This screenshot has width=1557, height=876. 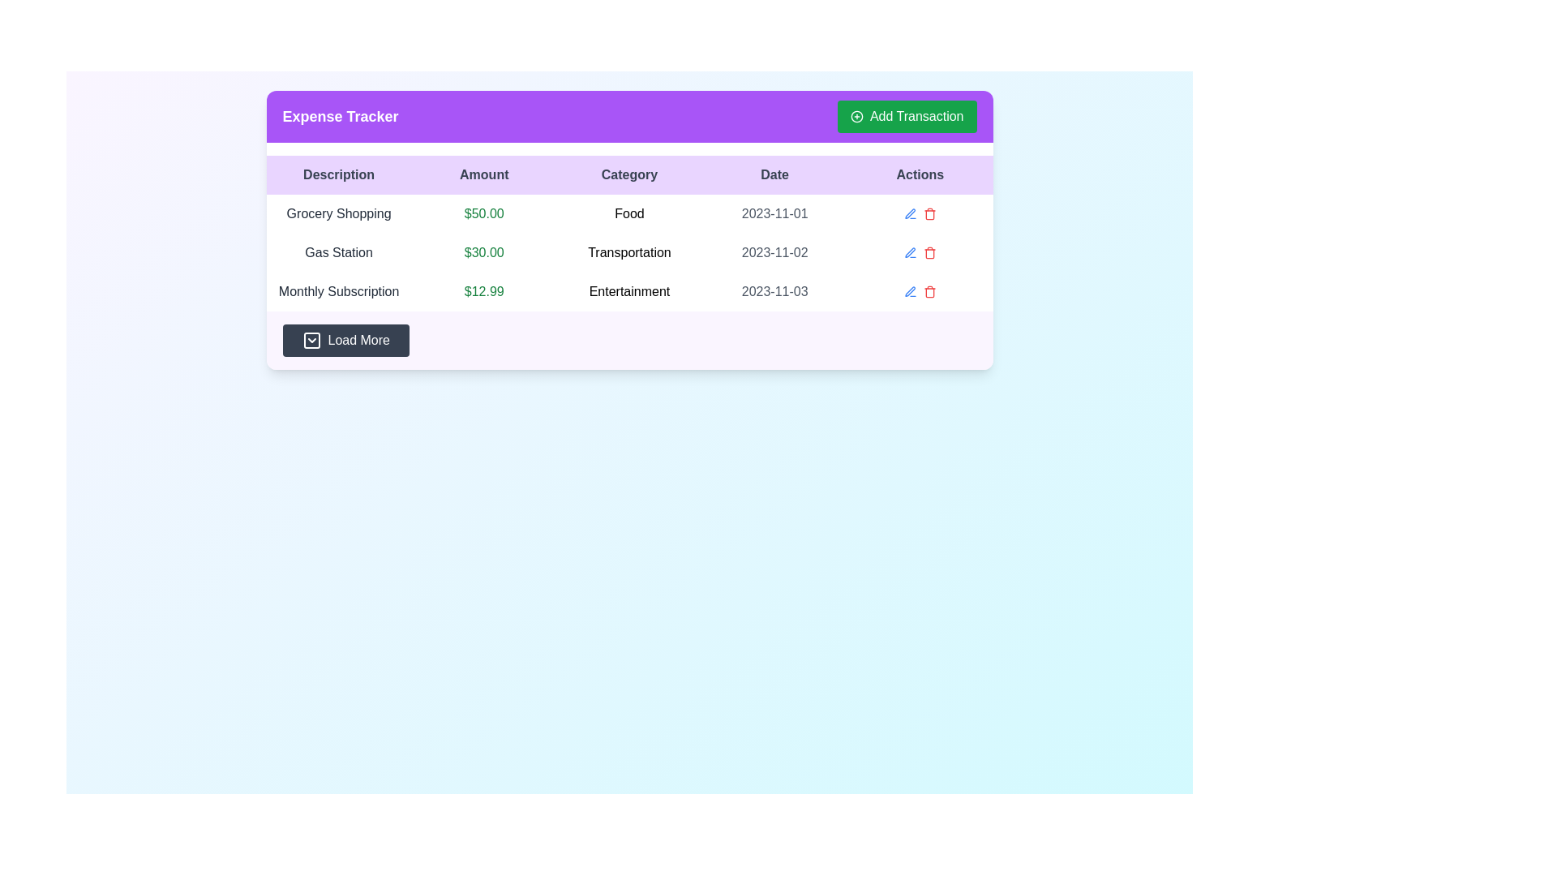 I want to click on the editable action icon resembling a pen or pencil in the 'Actions' column of the second row of the transaction table, which aligns with the 'Transportation' entry, so click(x=910, y=252).